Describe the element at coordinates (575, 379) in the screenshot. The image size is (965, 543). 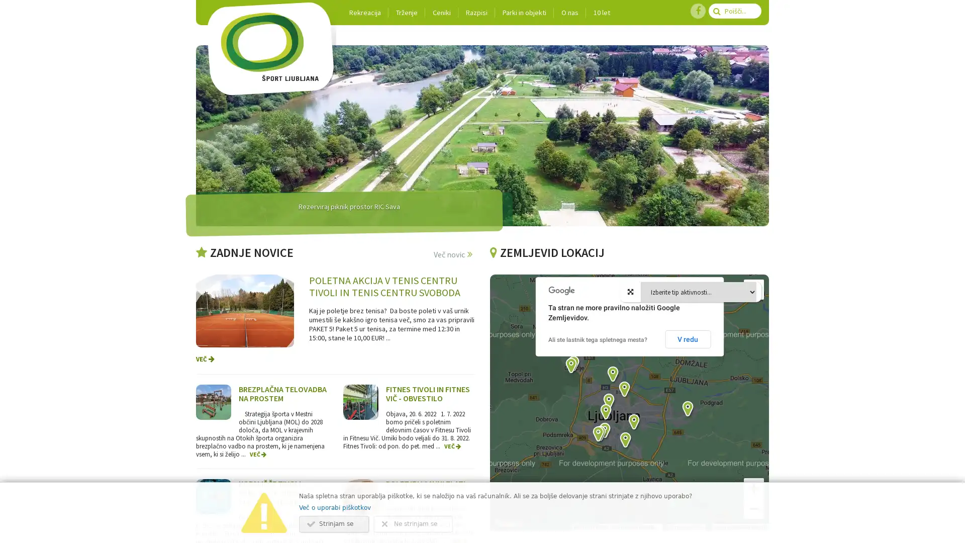
I see `Kako do nas?` at that location.